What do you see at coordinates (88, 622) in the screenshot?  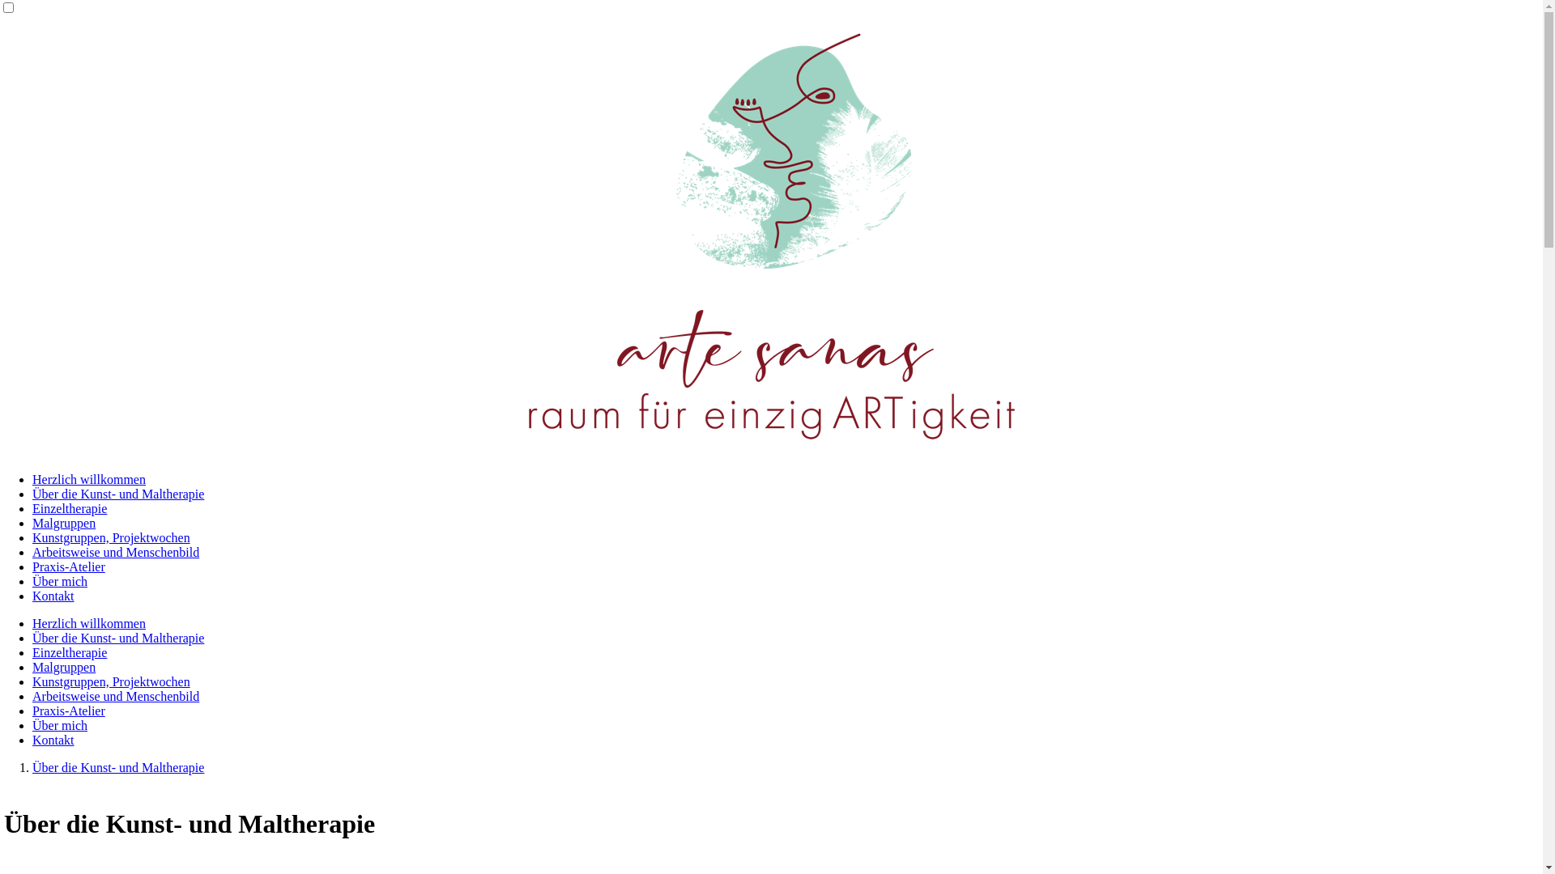 I see `'Herzlich willkommen'` at bounding box center [88, 622].